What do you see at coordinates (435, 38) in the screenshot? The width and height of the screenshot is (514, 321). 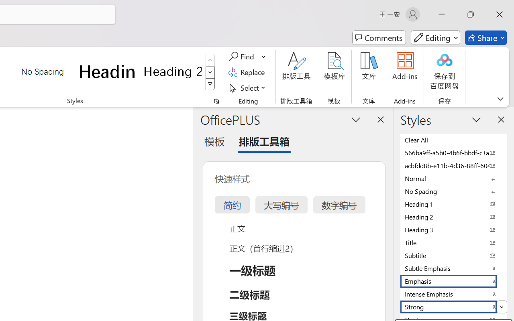 I see `'Mode'` at bounding box center [435, 38].